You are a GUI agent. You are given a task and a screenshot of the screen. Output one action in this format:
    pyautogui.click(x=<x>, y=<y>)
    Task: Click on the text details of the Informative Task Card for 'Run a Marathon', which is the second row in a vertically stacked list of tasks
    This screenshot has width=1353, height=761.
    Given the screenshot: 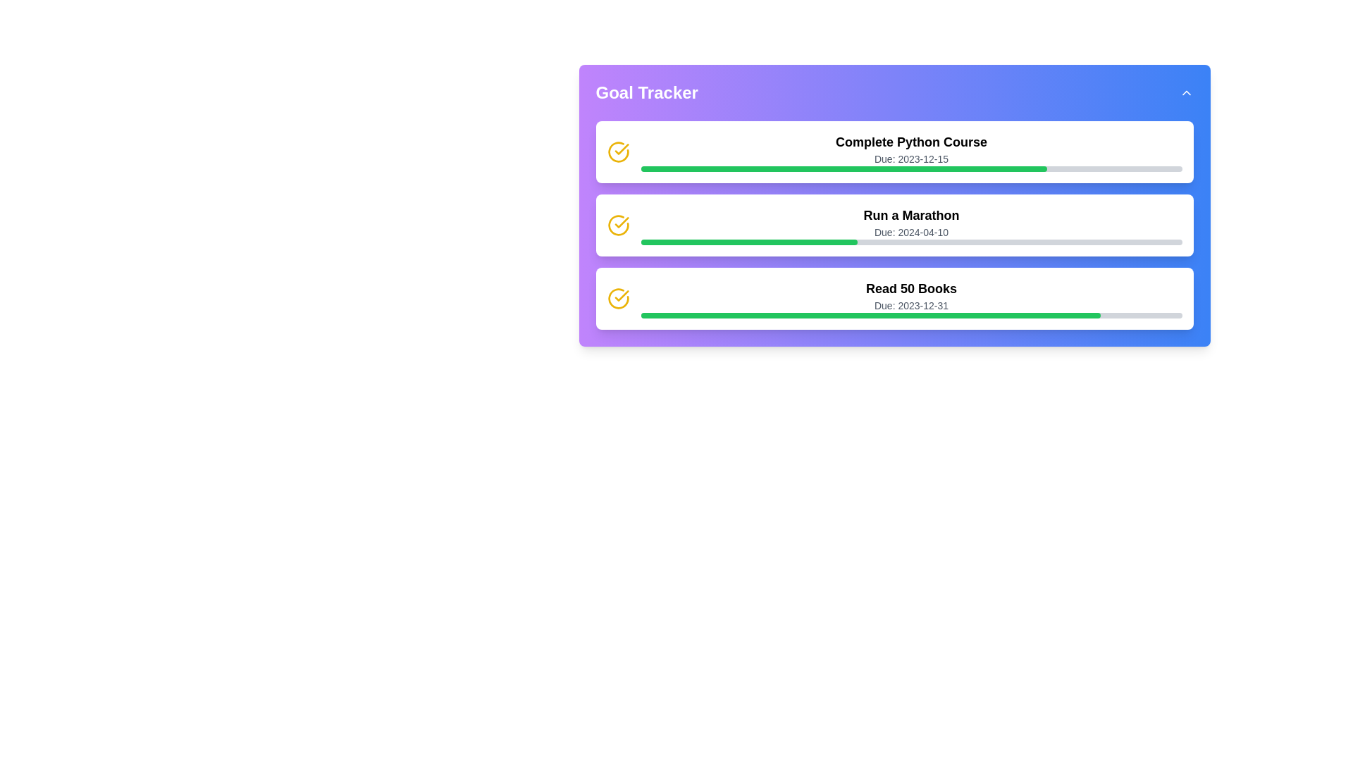 What is the action you would take?
    pyautogui.click(x=911, y=225)
    